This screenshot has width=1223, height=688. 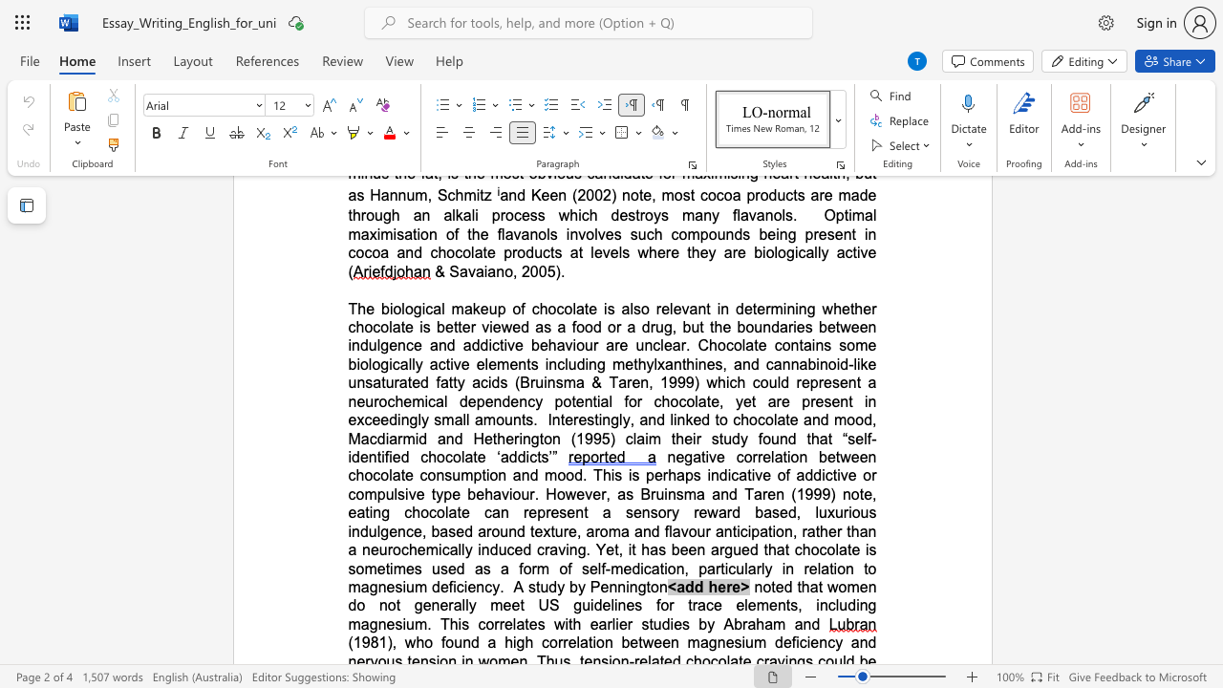 What do you see at coordinates (355, 474) in the screenshot?
I see `the space between the continuous character "c" and "h" in the text` at bounding box center [355, 474].